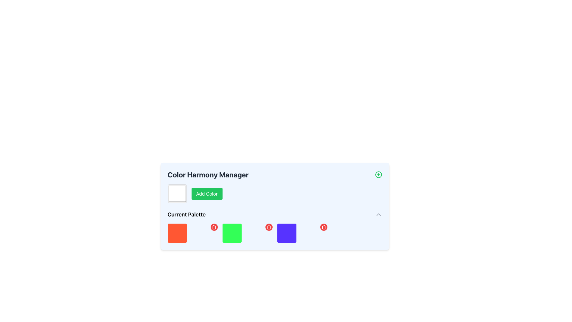  Describe the element at coordinates (274, 194) in the screenshot. I see `the color picker input within the 'Color Harmony Manager' interface, which is used to select a color for the palette` at that location.